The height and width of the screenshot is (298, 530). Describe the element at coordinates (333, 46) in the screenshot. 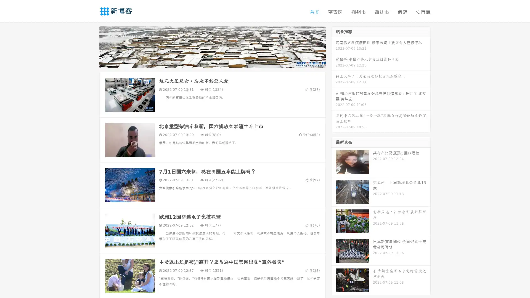

I see `Next slide` at that location.